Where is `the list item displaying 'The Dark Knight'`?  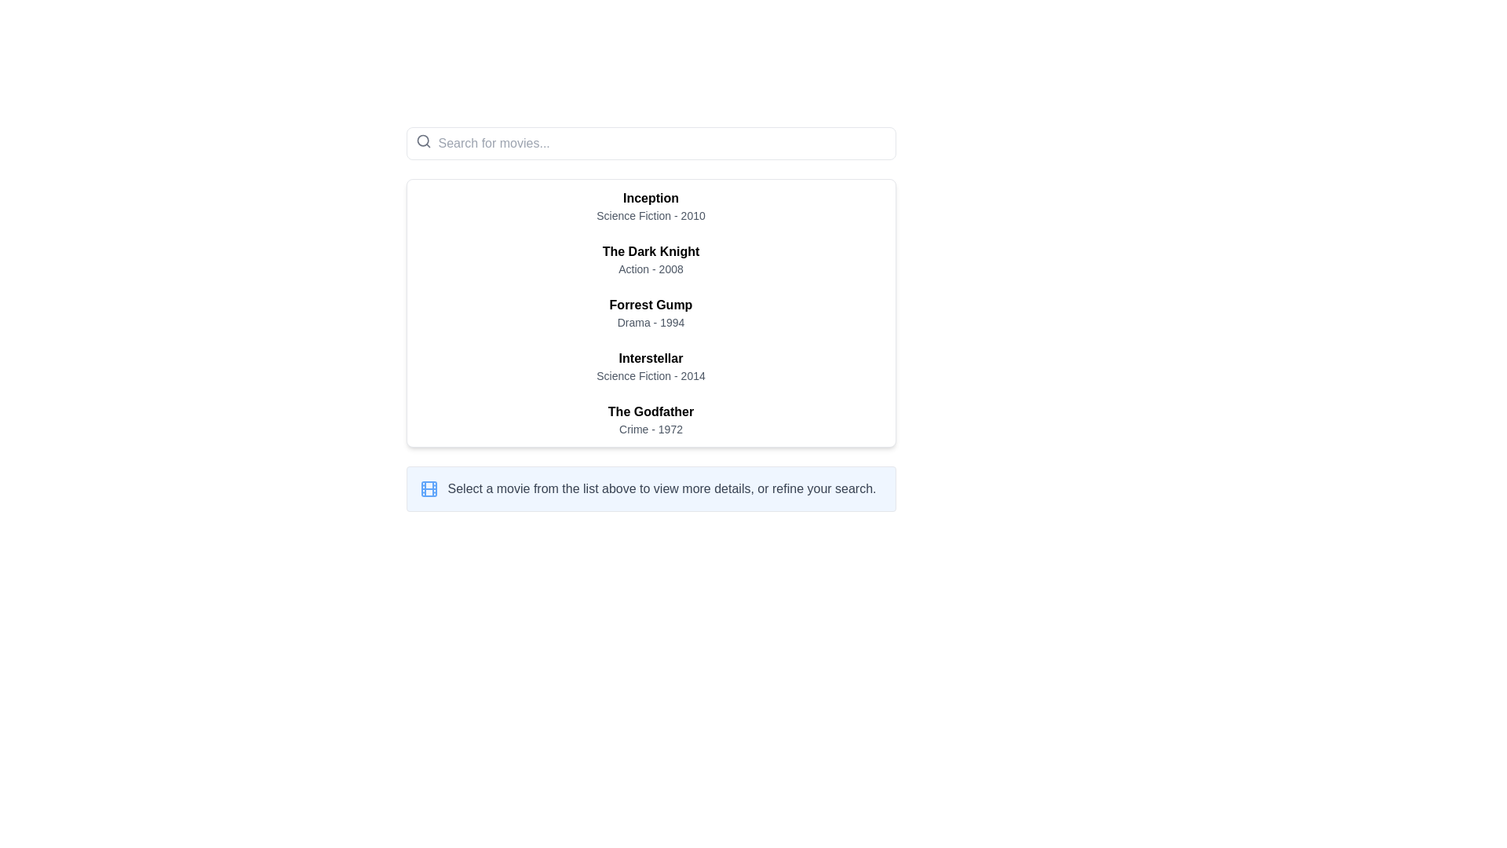
the list item displaying 'The Dark Knight' is located at coordinates (651, 259).